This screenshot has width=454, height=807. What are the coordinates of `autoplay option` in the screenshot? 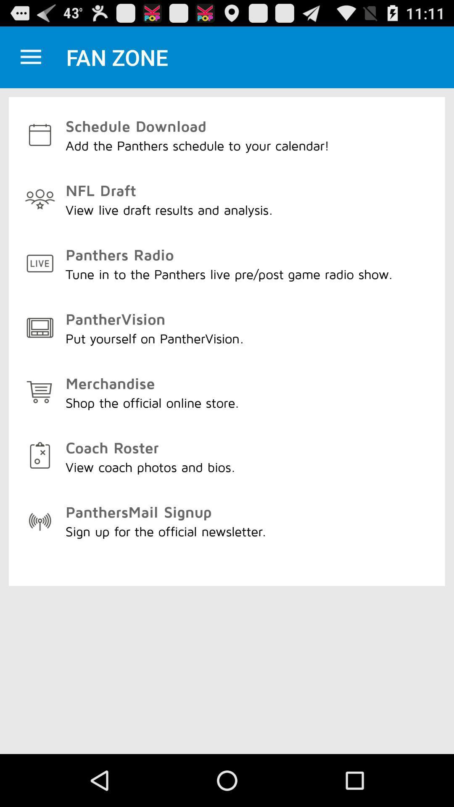 It's located at (30, 57).